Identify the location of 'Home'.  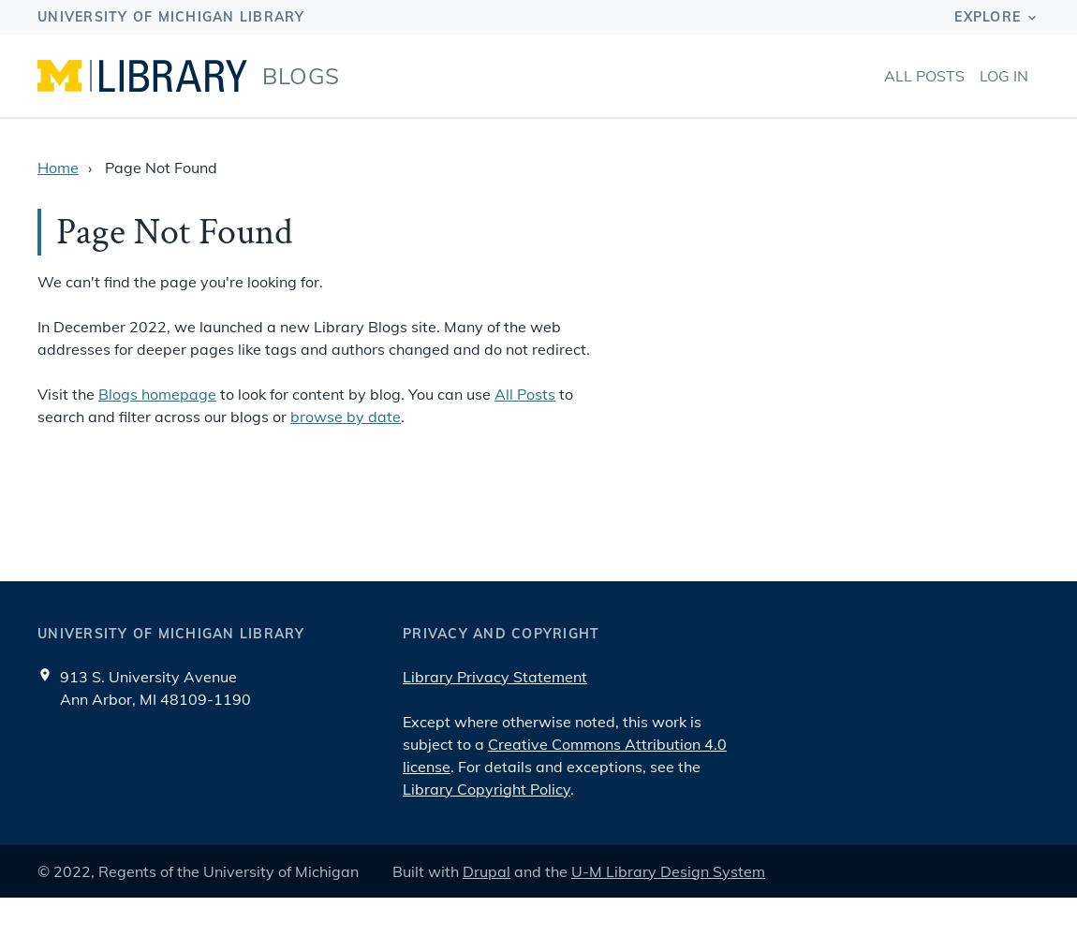
(56, 168).